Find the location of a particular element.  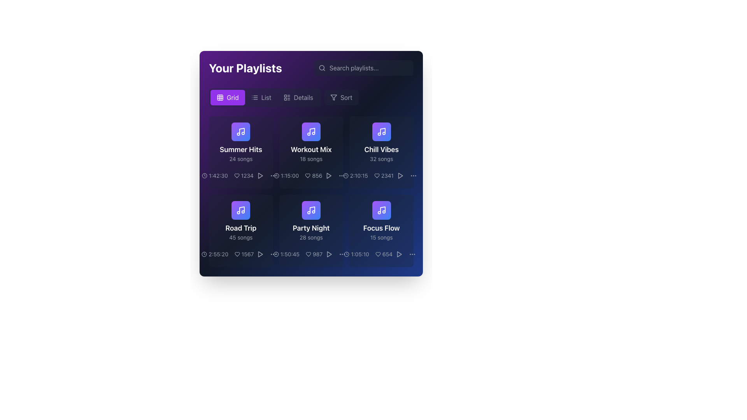

the 'Summer Hits' playlist icon located in the top-left corner of the grid layout displaying playlists is located at coordinates (240, 131).